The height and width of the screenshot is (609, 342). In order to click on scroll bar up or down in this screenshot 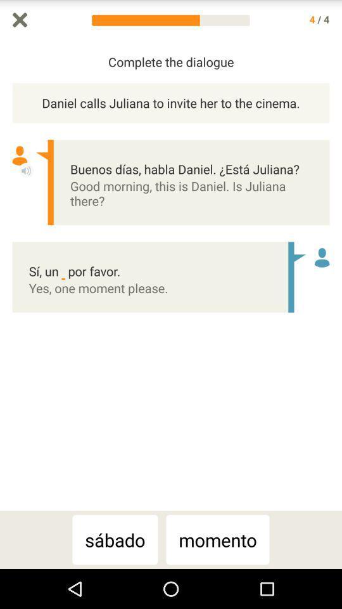, I will do `click(336, 275)`.